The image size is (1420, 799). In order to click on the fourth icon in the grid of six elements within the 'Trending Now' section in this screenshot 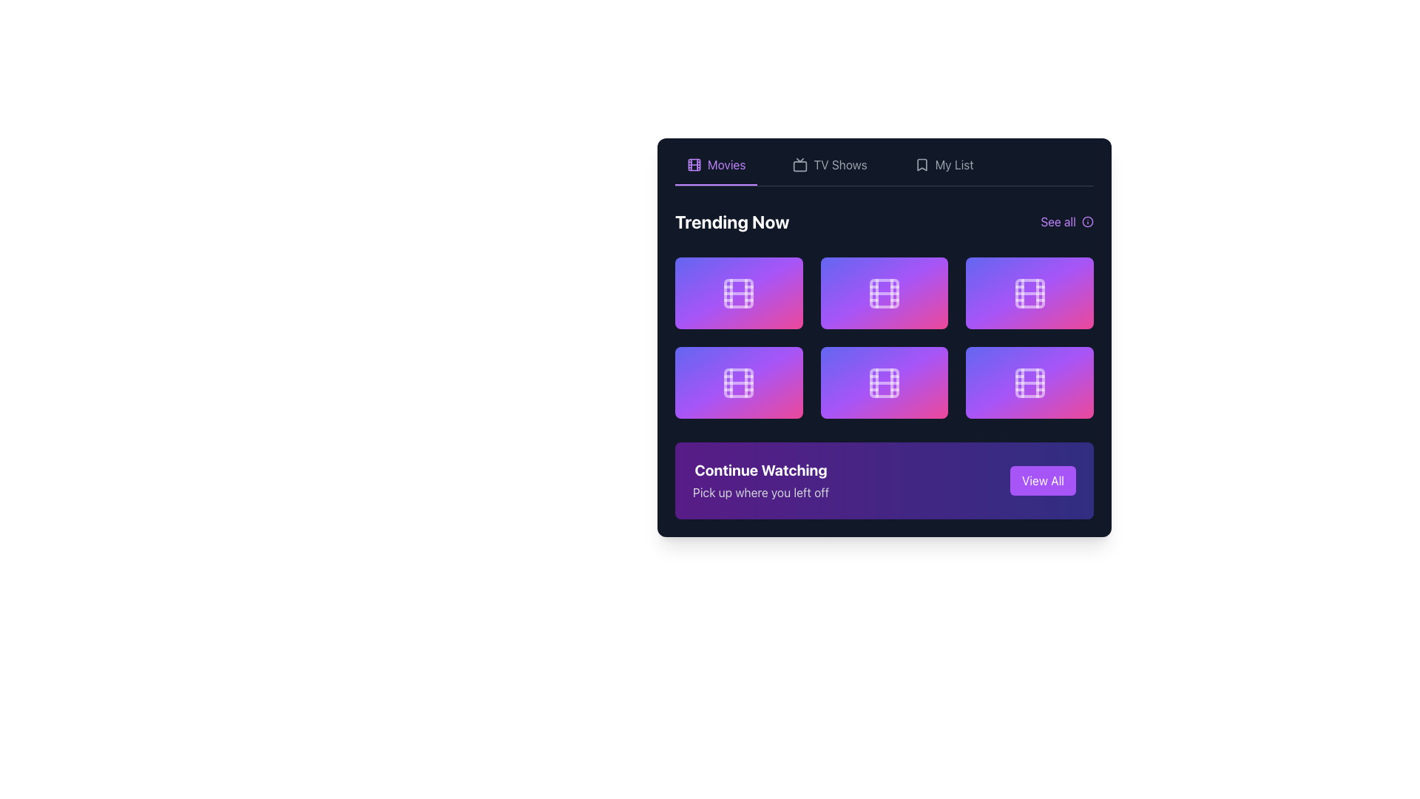, I will do `click(884, 382)`.